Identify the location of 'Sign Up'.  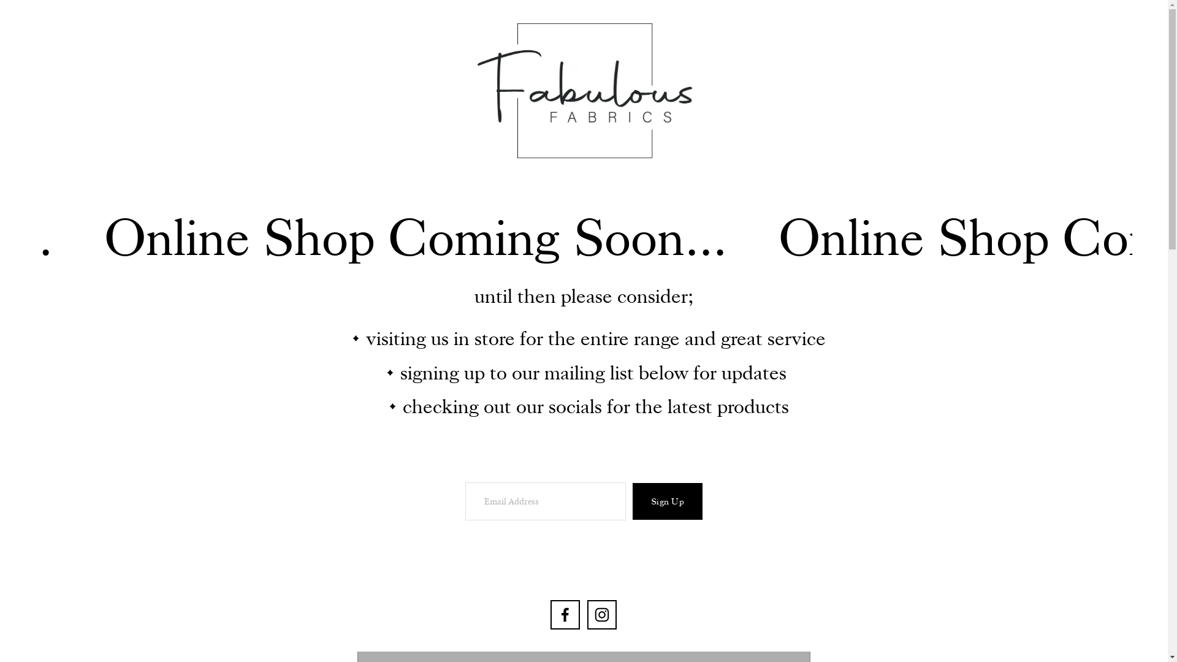
(667, 501).